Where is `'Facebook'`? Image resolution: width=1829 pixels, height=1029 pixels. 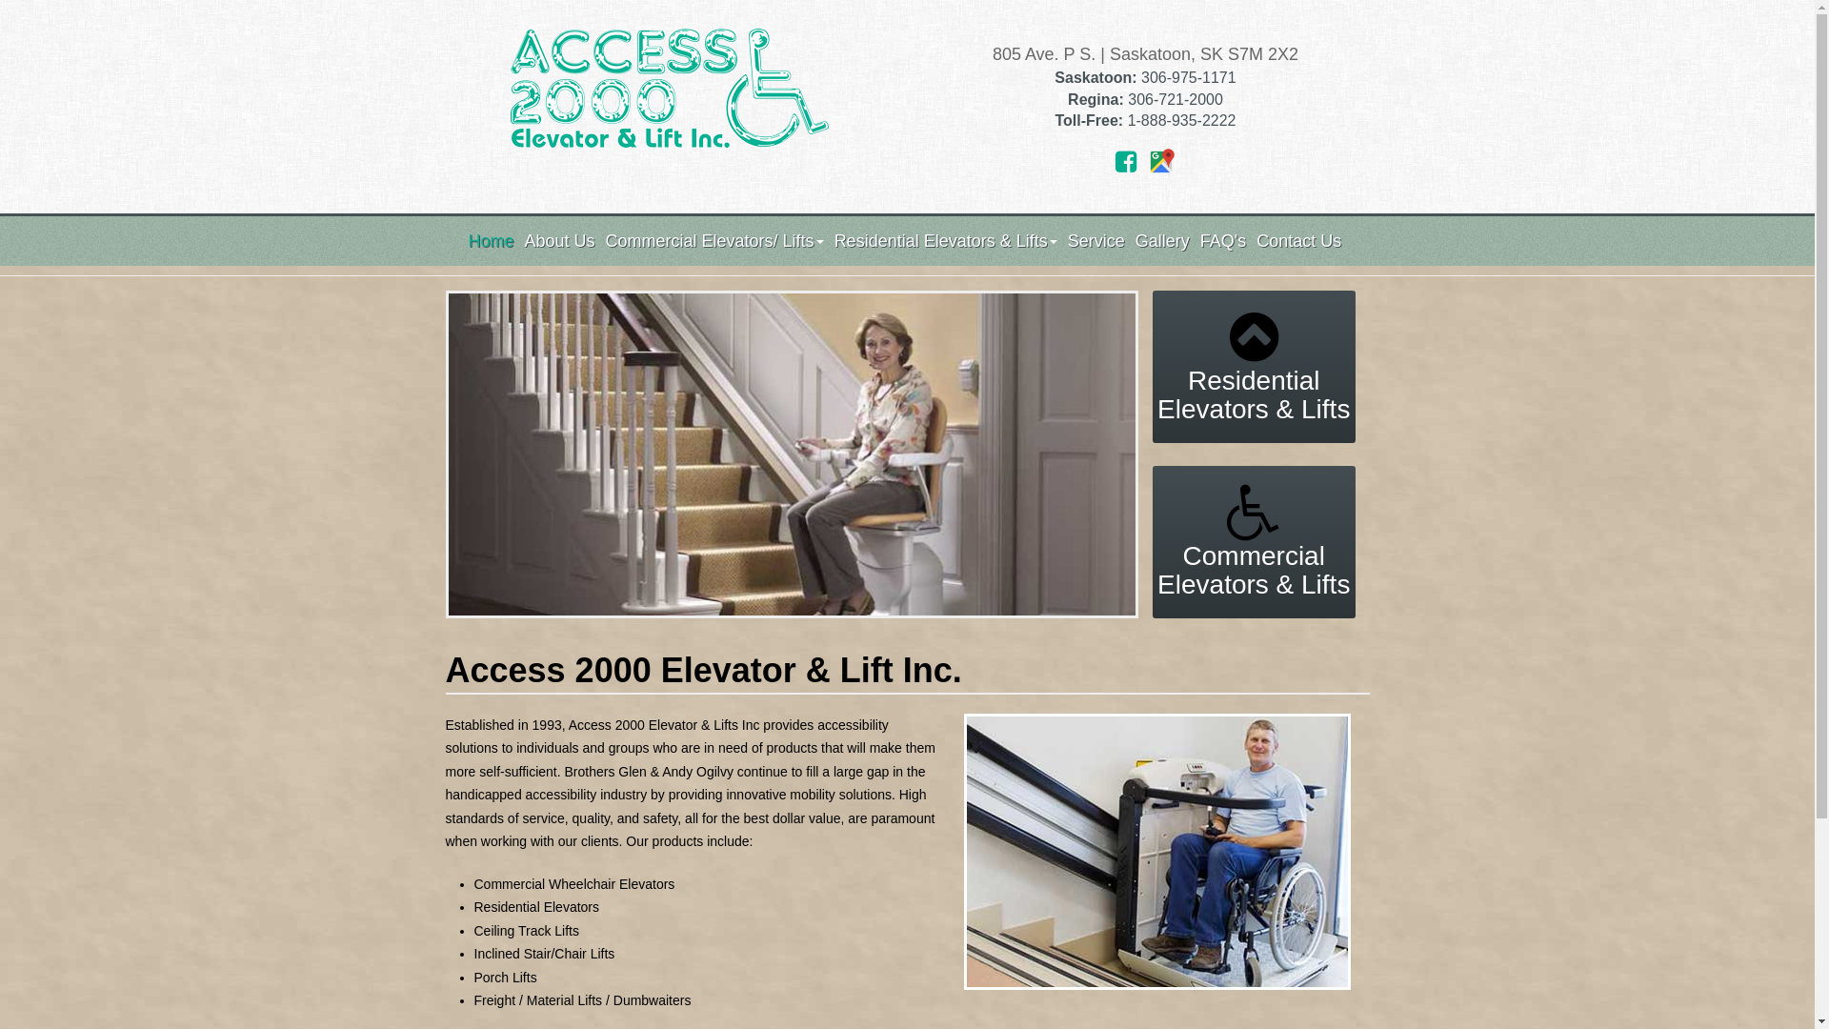
'Facebook' is located at coordinates (1125, 160).